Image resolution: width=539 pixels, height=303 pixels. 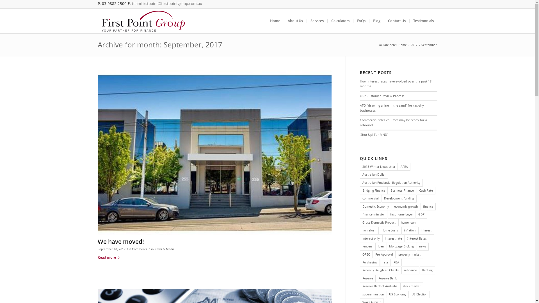 What do you see at coordinates (382, 95) in the screenshot?
I see `'Our Customer Review Process'` at bounding box center [382, 95].